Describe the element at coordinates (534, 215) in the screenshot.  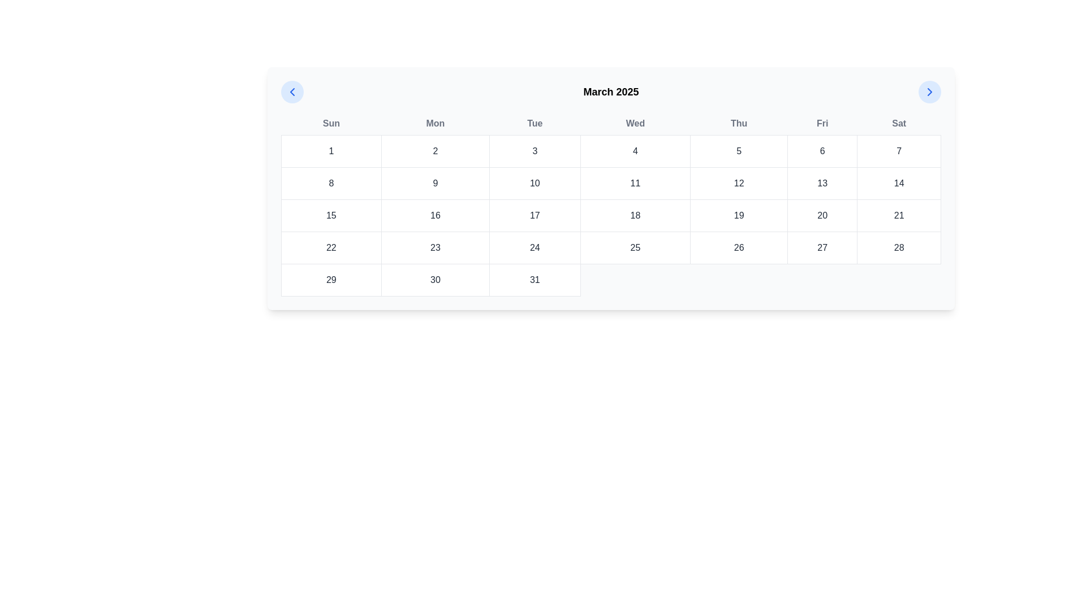
I see `the clickable calendar date box representing the date '17', which is the third box from the left` at that location.